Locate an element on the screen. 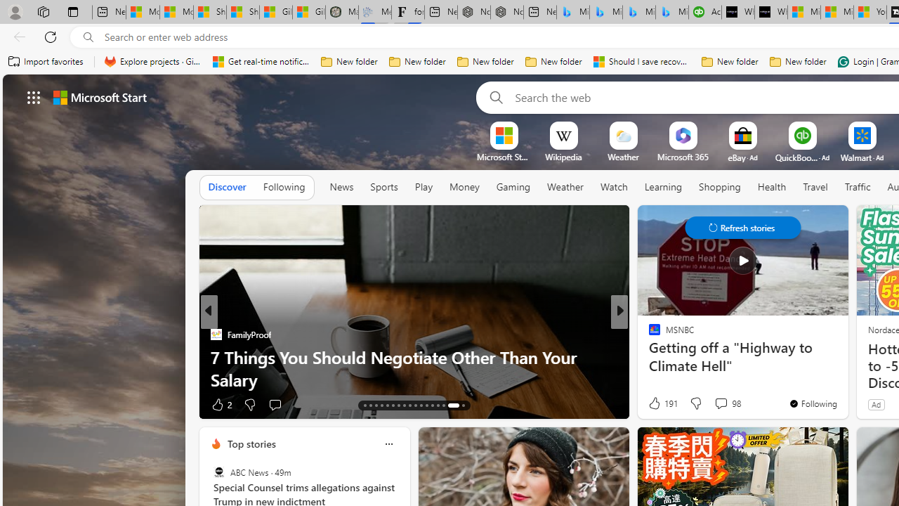  'Gaming' is located at coordinates (512, 186).